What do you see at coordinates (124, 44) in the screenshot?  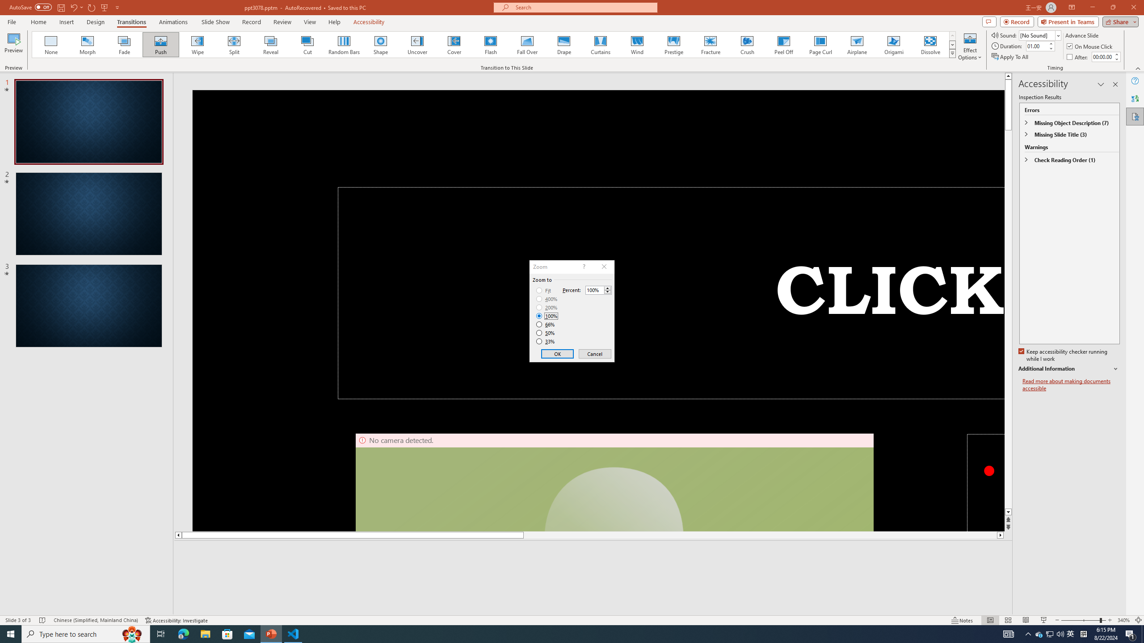 I see `'Fade'` at bounding box center [124, 44].